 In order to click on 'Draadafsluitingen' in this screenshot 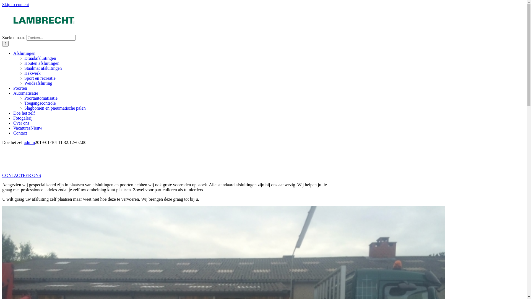, I will do `click(40, 58)`.